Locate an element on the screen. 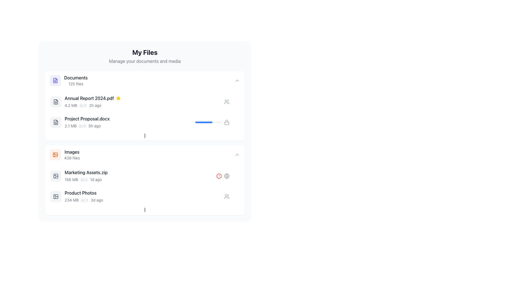 The image size is (531, 299). the rectangular graphical element with rounded corners that serves as the background of the icon representing the 'Marketing Assets.zip' file entry is located at coordinates (56, 176).